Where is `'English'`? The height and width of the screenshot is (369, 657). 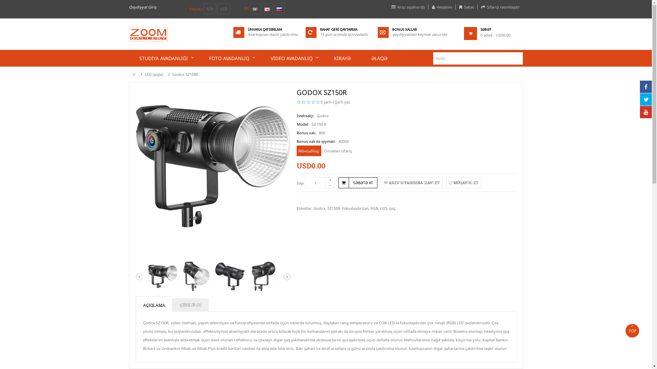 'English' is located at coordinates (266, 9).